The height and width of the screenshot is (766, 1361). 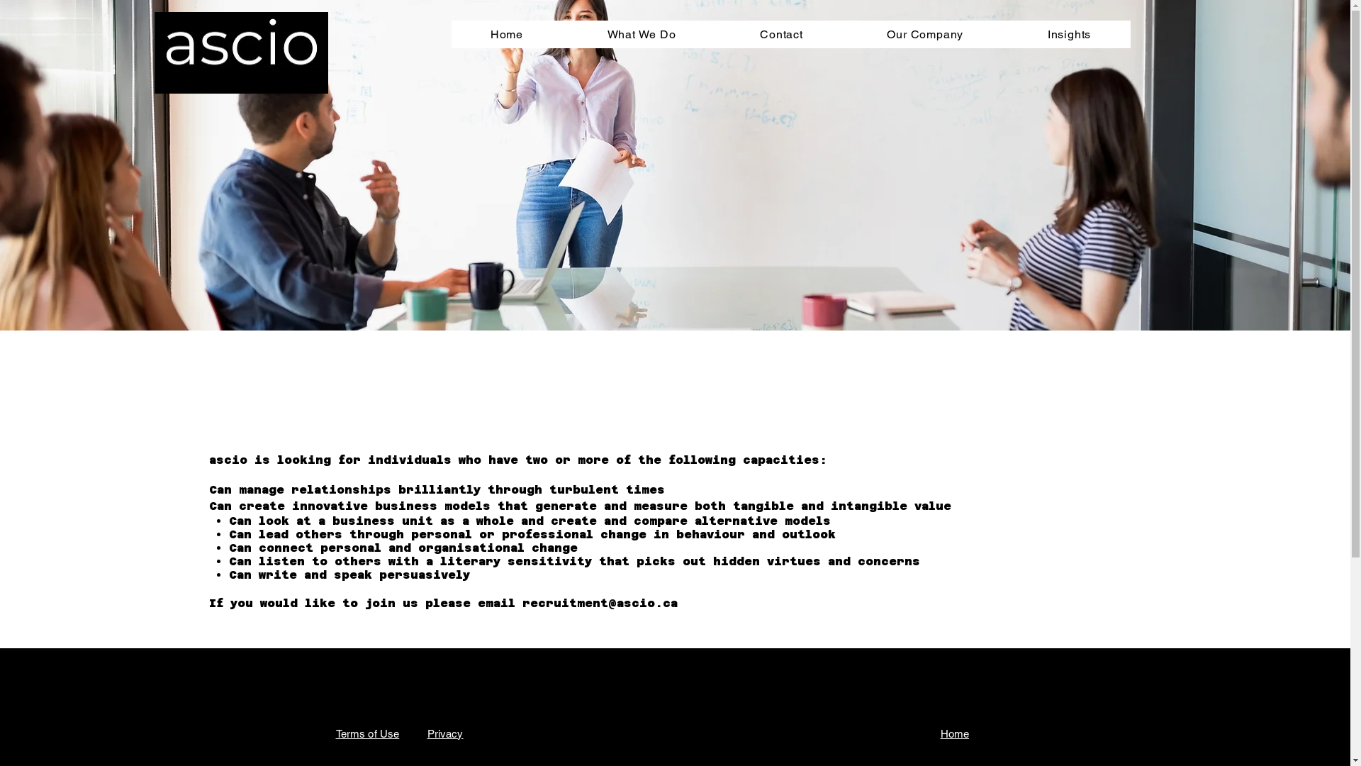 I want to click on 'Contact', so click(x=721, y=33).